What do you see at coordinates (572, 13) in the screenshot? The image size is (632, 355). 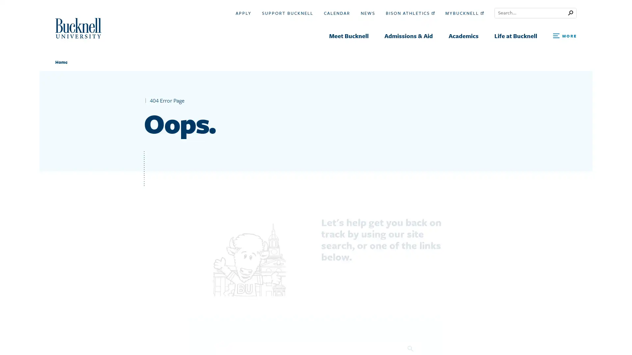 I see `Submit` at bounding box center [572, 13].